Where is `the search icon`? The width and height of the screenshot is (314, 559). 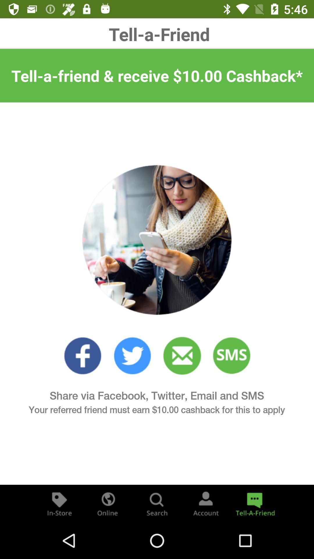
the search icon is located at coordinates (157, 503).